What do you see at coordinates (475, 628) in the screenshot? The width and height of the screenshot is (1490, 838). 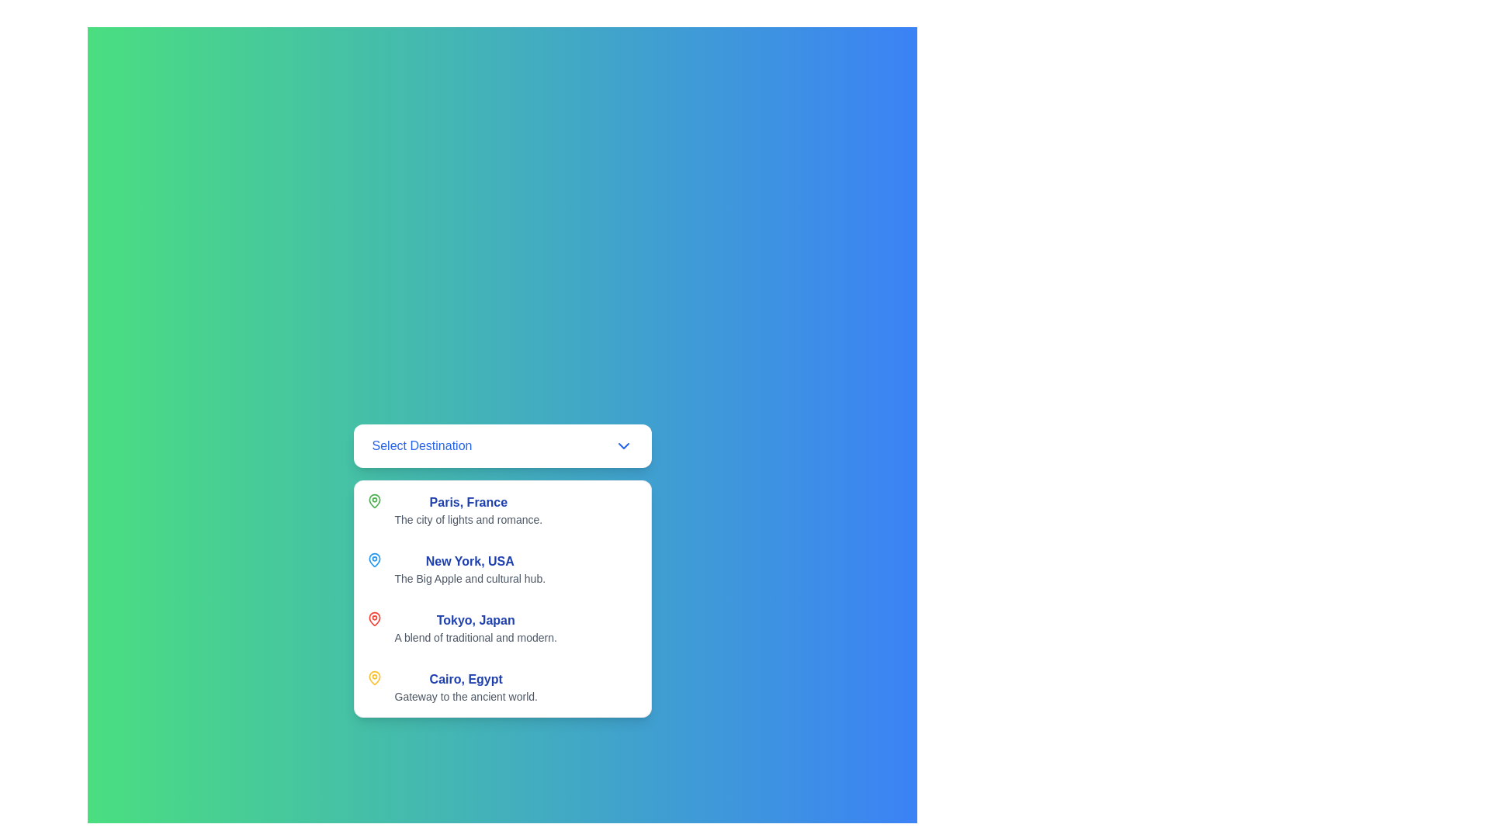 I see `the list item displaying 'Tokyo, Japan'` at bounding box center [475, 628].